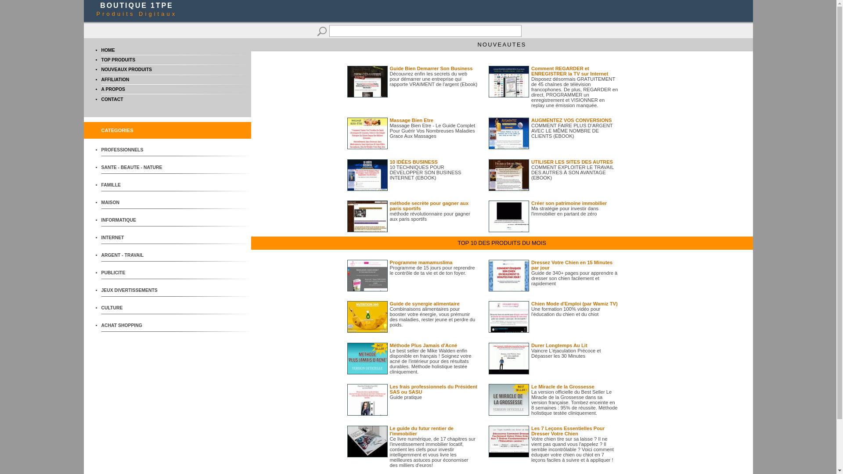 This screenshot has width=843, height=474. Describe the element at coordinates (133, 237) in the screenshot. I see `'INTERNET'` at that location.